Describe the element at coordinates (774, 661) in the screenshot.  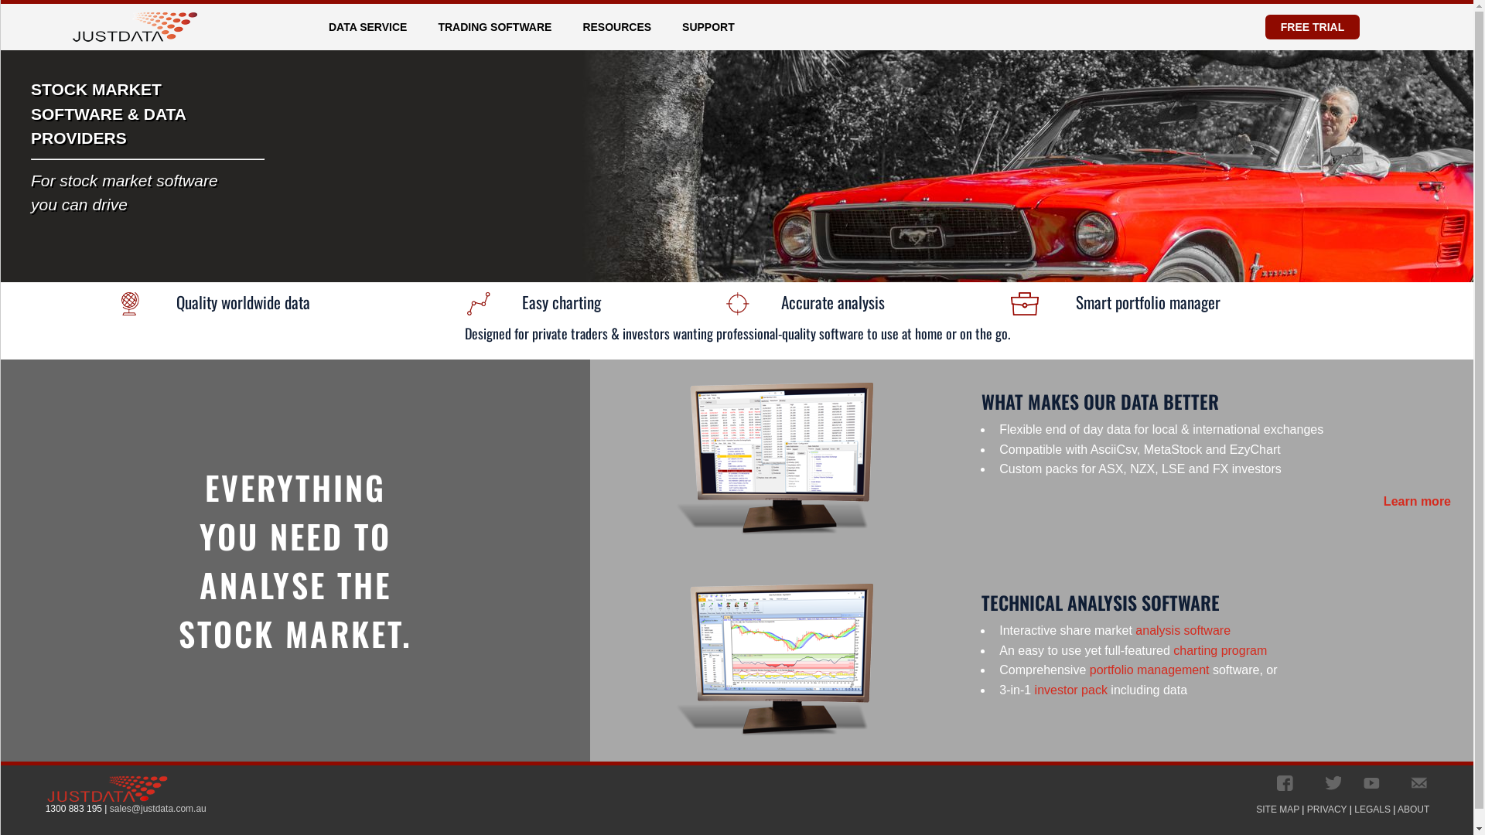
I see `'Charting & Analysis Software'` at that location.